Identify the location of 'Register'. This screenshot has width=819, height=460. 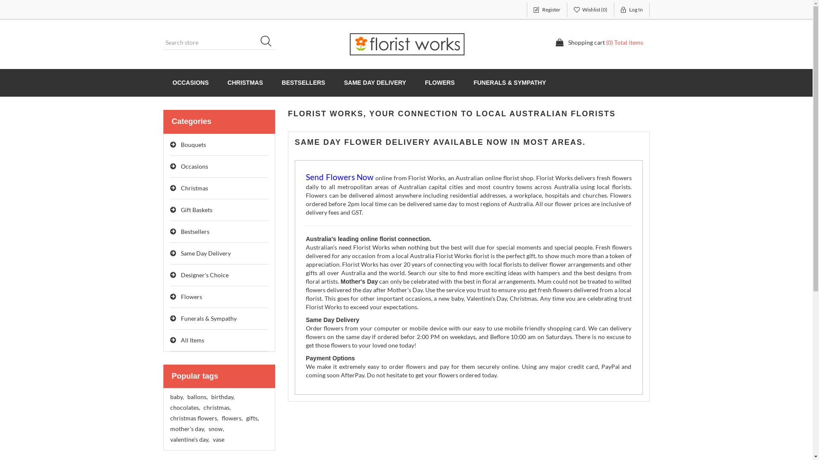
(546, 10).